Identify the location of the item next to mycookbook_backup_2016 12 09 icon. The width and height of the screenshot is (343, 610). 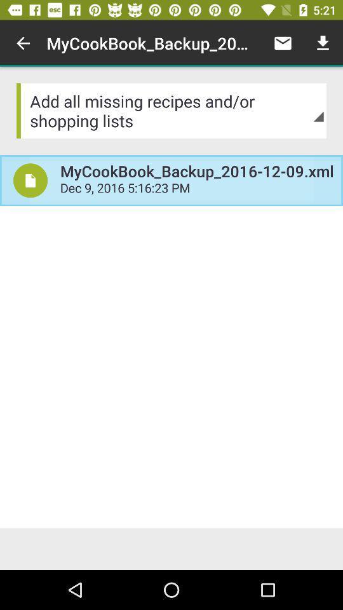
(283, 43).